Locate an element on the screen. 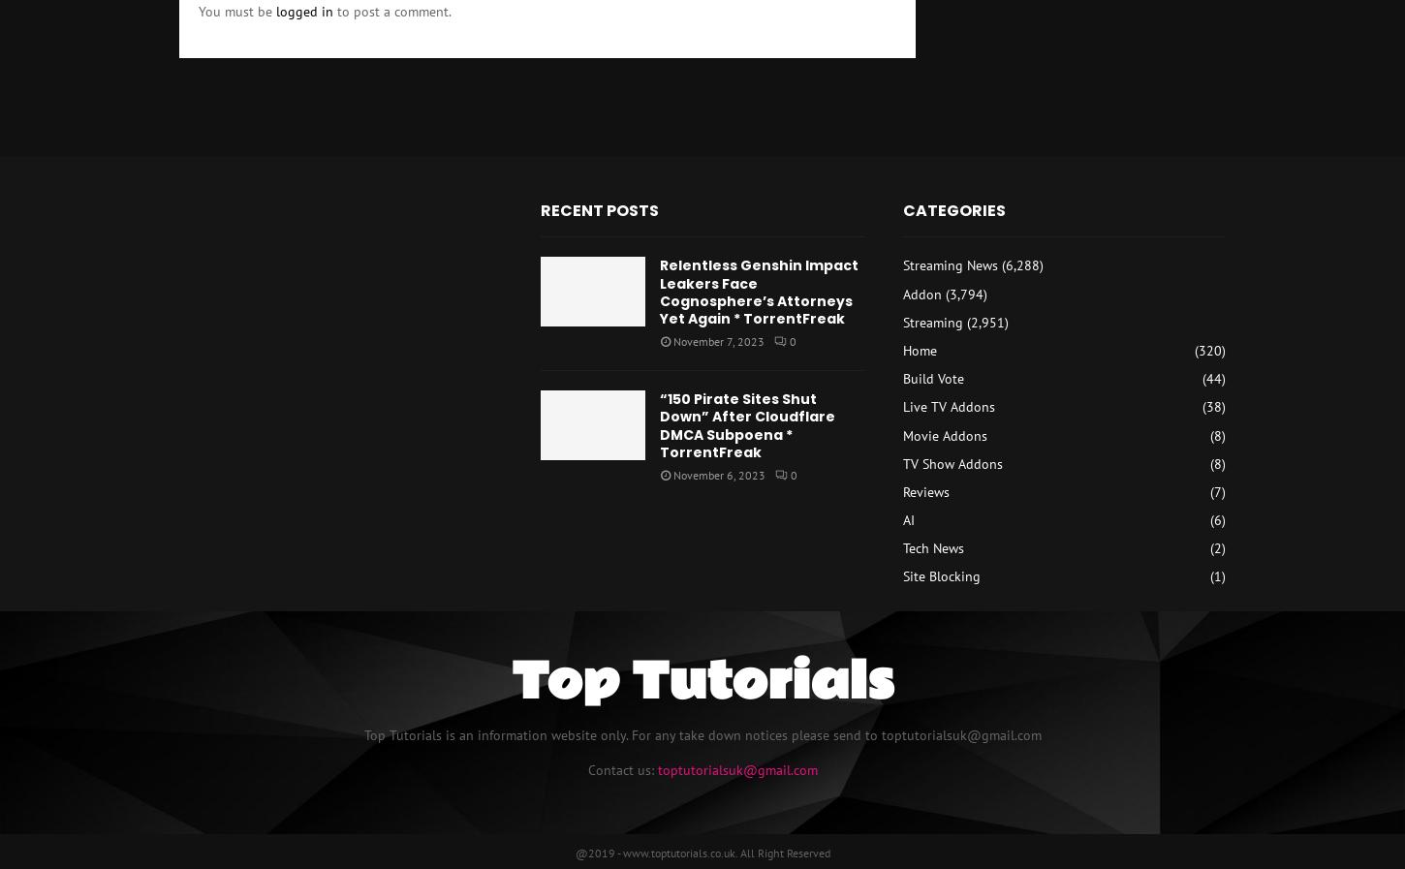  '(2,951)' is located at coordinates (984, 320).